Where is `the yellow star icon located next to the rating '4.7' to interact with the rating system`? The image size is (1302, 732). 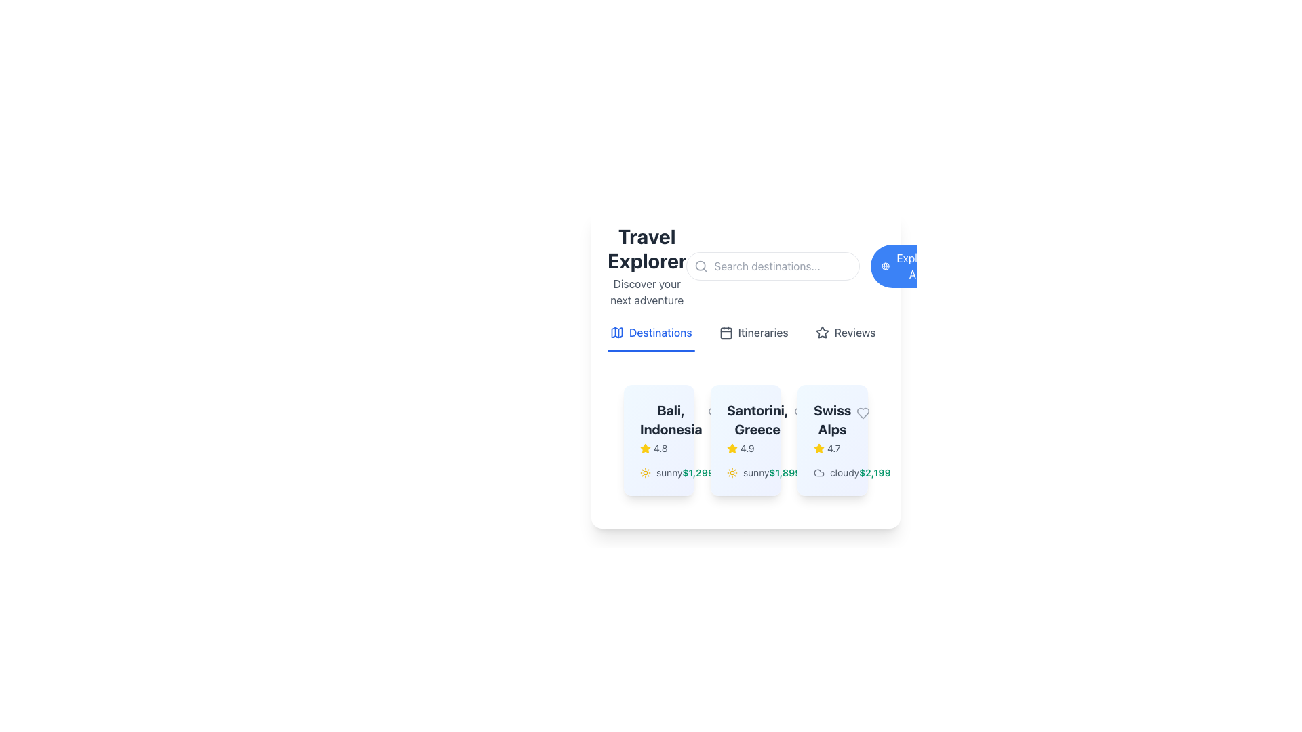
the yellow star icon located next to the rating '4.7' to interact with the rating system is located at coordinates (818, 448).